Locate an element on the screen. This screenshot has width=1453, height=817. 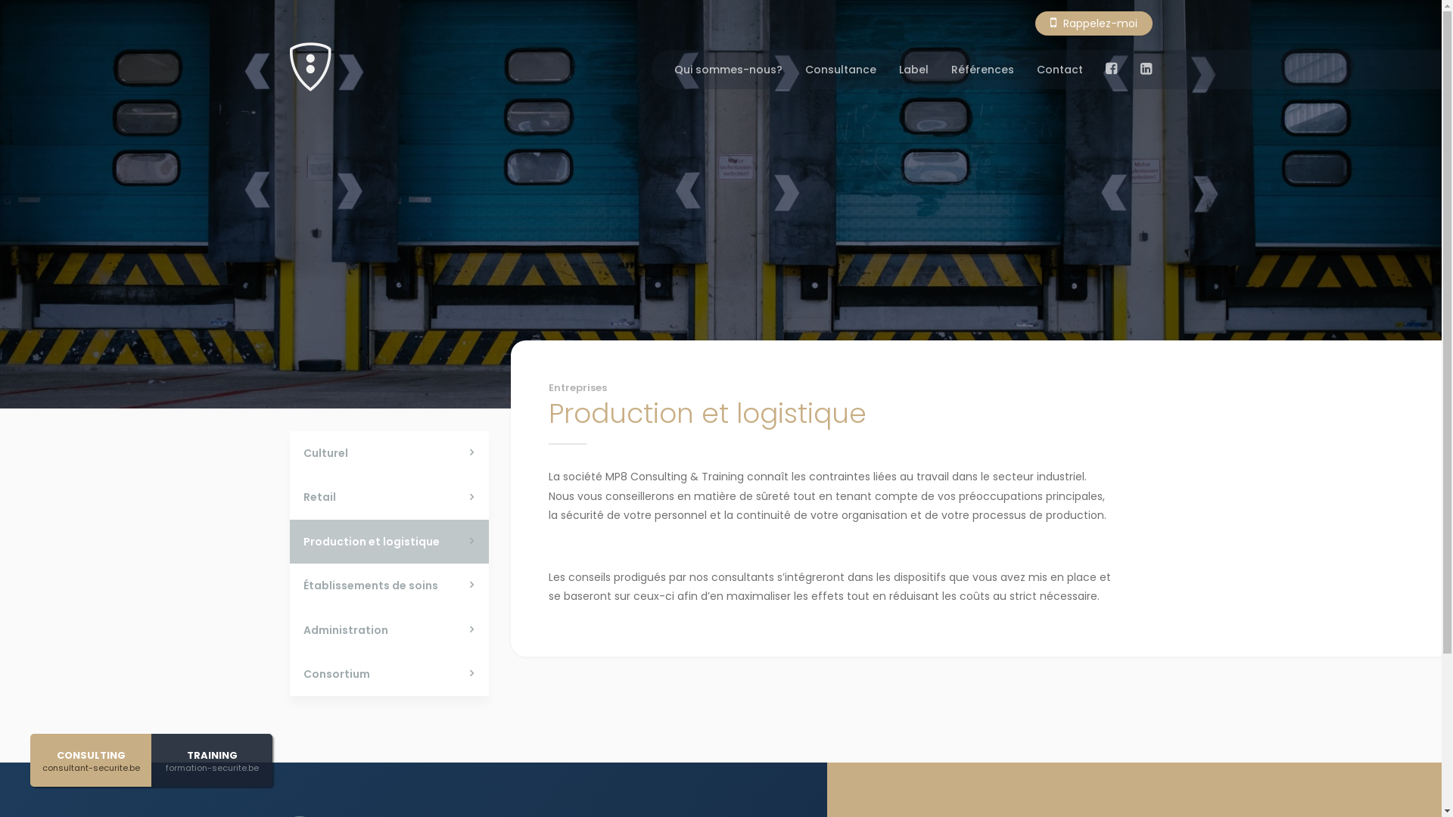
'Contact' is located at coordinates (1059, 70).